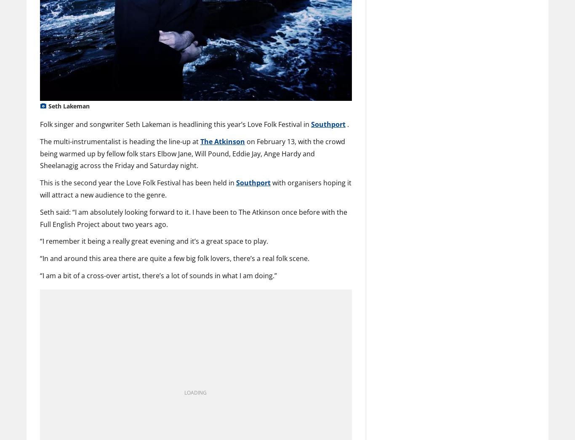  Describe the element at coordinates (153, 240) in the screenshot. I see `'“I remember it being a really great evening and it’s a great space to play.'` at that location.